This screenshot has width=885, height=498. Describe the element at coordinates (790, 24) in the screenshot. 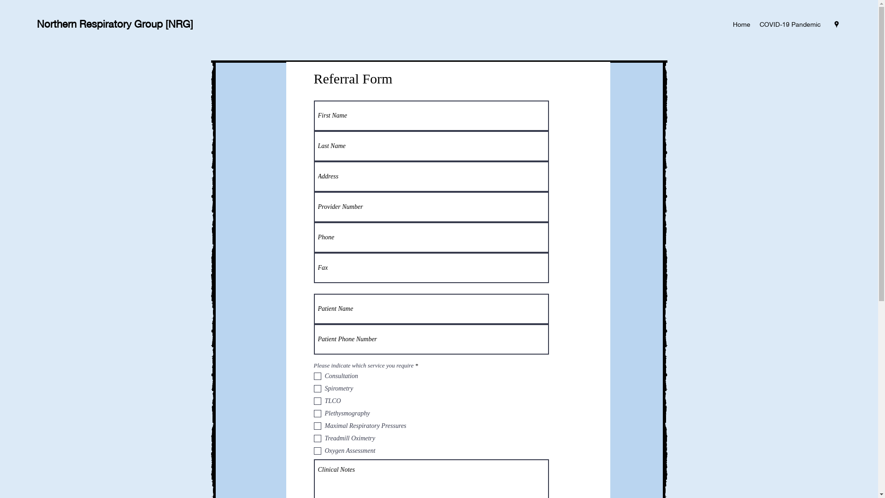

I see `'COVID-19 Pandemic'` at that location.